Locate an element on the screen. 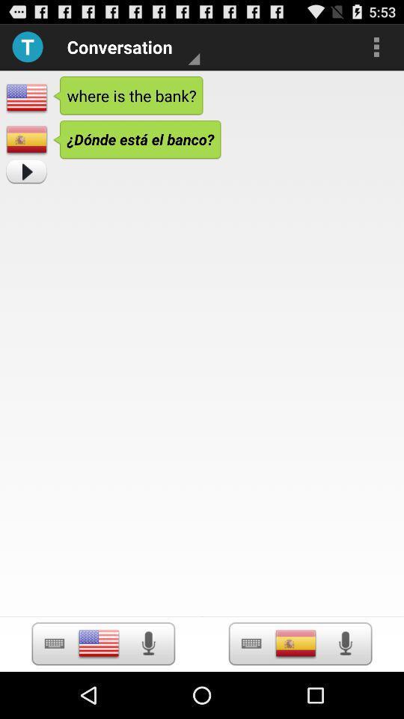  translate to is located at coordinates (296, 643).